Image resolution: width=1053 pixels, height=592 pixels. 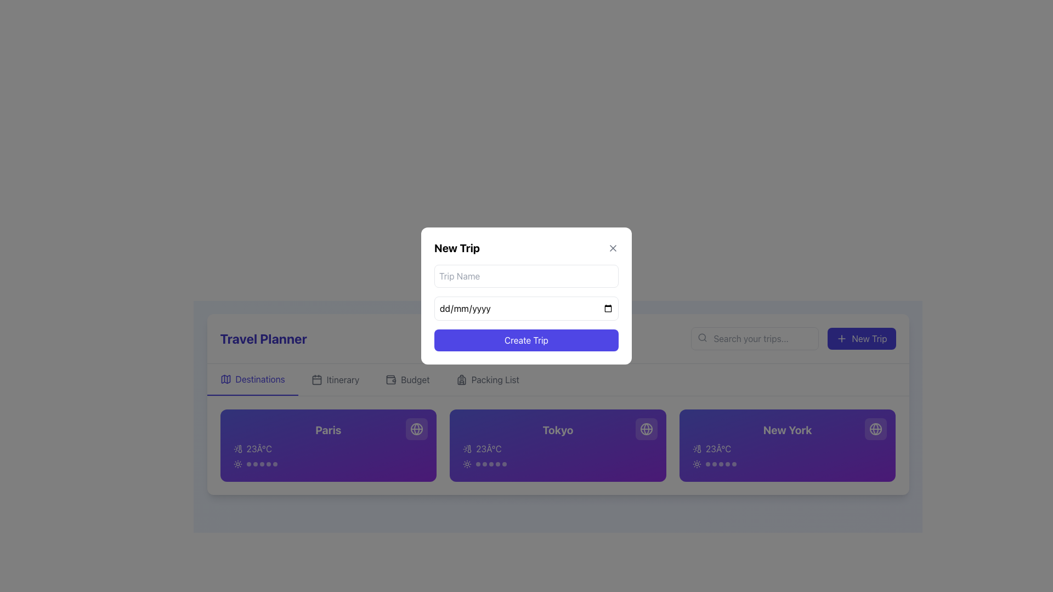 What do you see at coordinates (869, 338) in the screenshot?
I see `the 'New Trip' button labeled with its functionality to create a new trip, located in the upper right area of the page` at bounding box center [869, 338].